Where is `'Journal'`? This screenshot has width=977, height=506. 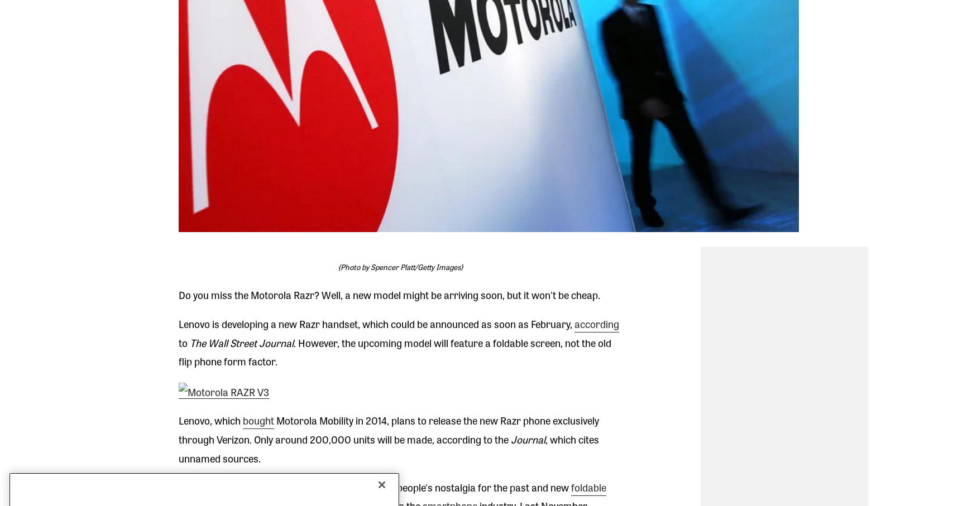 'Journal' is located at coordinates (507, 439).